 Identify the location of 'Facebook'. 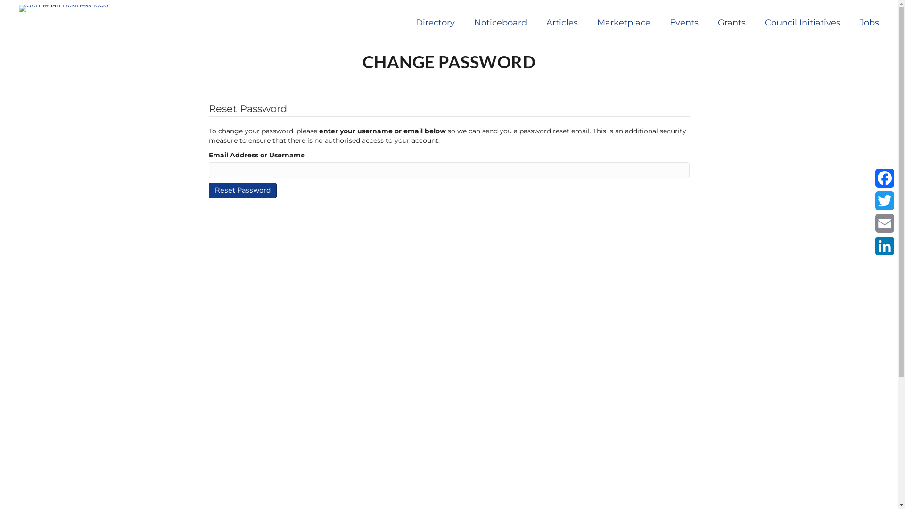
(872, 178).